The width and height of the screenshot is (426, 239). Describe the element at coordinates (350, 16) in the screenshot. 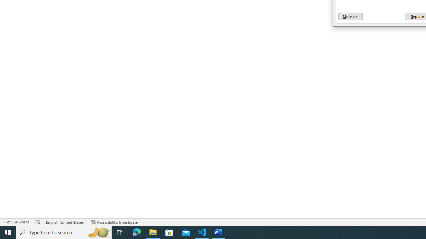

I see `'More >>'` at that location.